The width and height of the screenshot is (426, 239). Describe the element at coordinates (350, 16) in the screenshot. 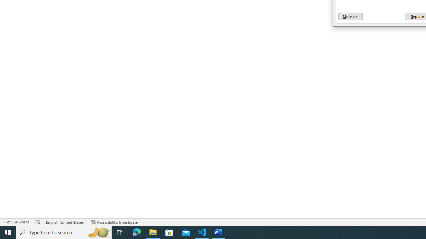

I see `'More >>'` at that location.